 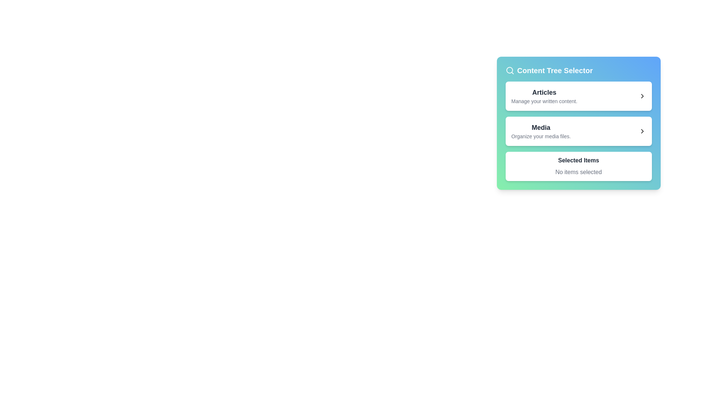 What do you see at coordinates (544, 95) in the screenshot?
I see `the text block within the first clickable card below the 'Content Tree Selector' title` at bounding box center [544, 95].